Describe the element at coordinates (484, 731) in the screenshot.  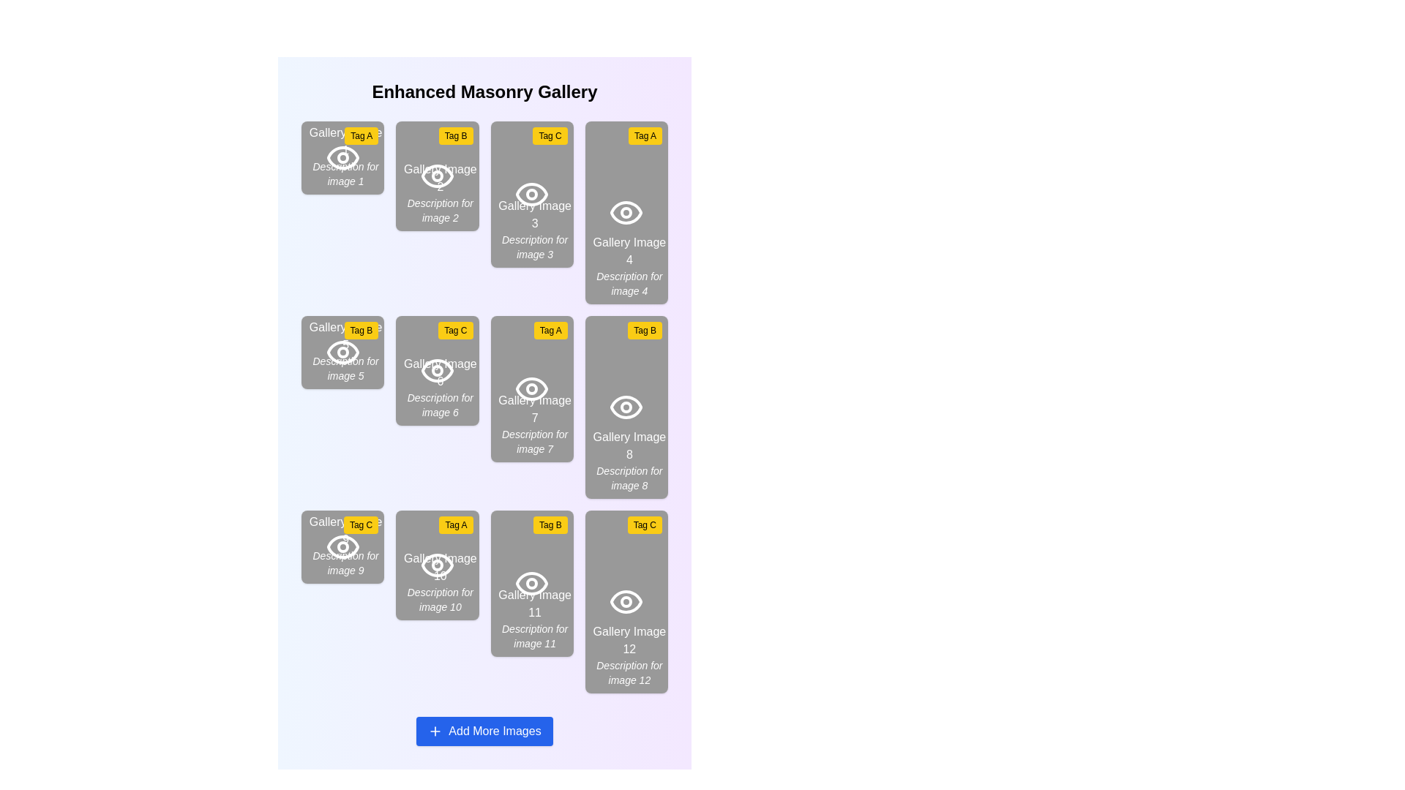
I see `the button for adding more images to the gallery` at that location.